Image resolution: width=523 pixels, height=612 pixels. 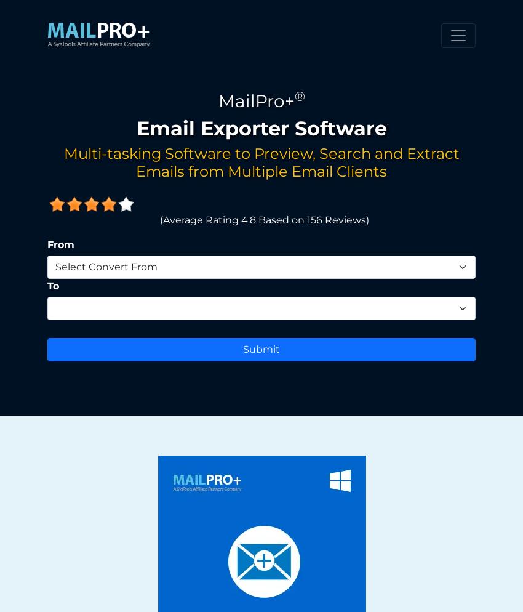 I want to click on 'Click on Add Collection', so click(x=137, y=31).